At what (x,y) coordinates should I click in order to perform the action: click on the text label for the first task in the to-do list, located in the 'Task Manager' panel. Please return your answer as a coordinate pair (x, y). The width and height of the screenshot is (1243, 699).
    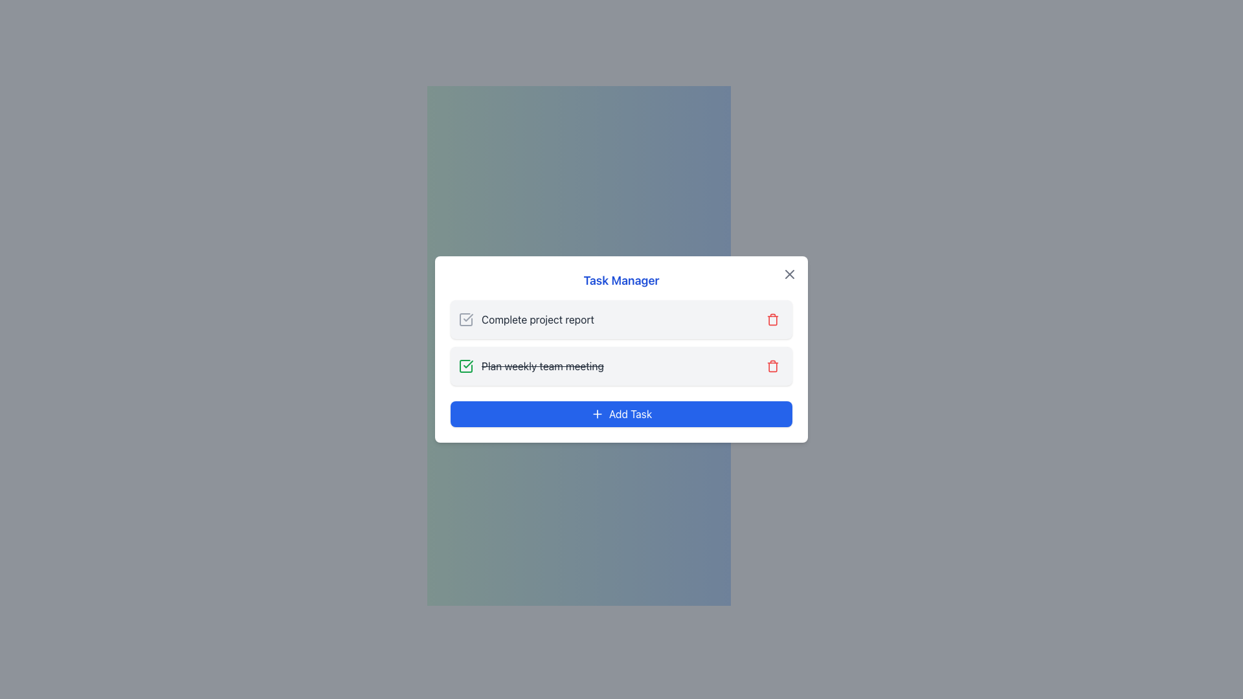
    Looking at the image, I should click on (526, 319).